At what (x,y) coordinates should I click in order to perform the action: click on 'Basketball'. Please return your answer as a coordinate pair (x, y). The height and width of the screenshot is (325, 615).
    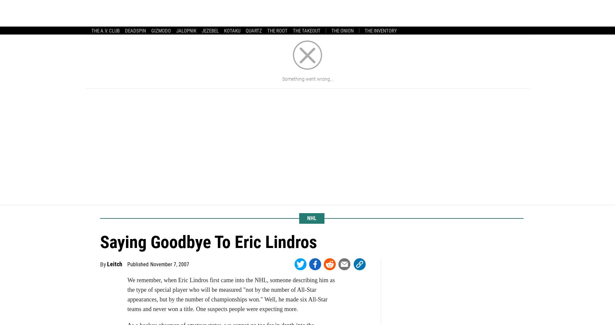
    Looking at the image, I should click on (312, 11).